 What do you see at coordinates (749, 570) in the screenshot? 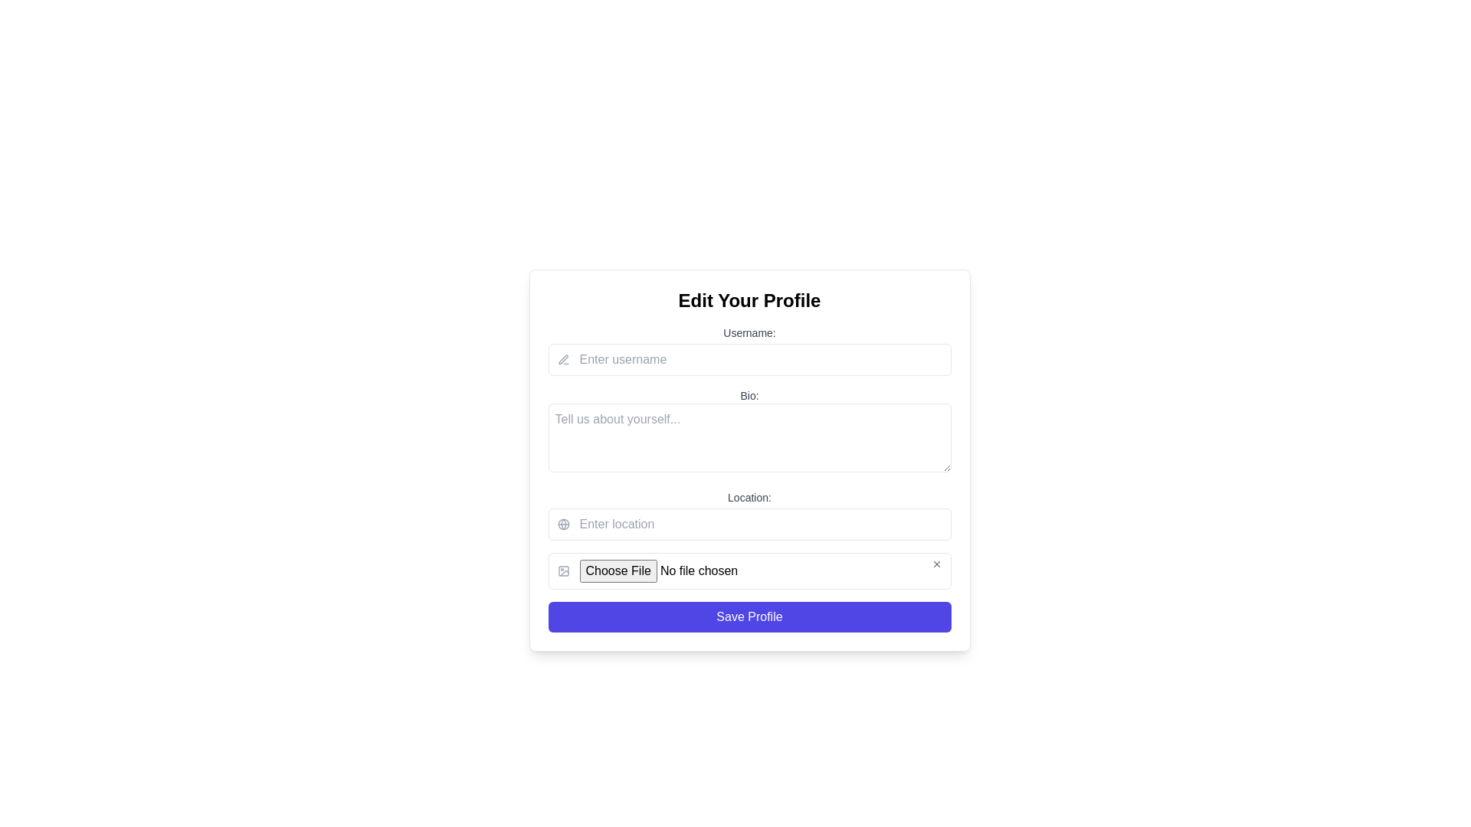
I see `the 'Choose File' button in the file input component` at bounding box center [749, 570].